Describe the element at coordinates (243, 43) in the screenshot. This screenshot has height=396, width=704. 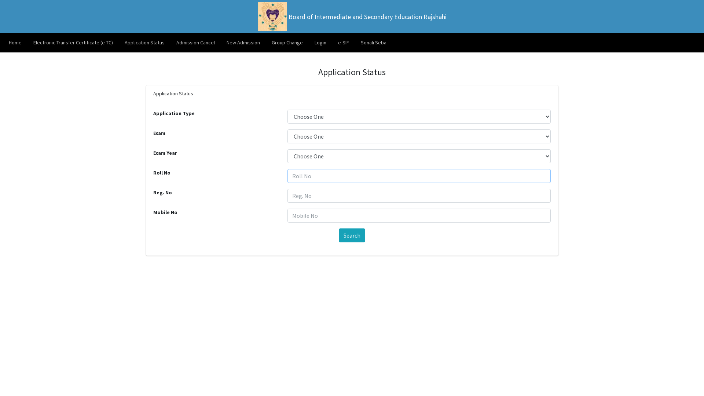
I see `'New Admission'` at that location.